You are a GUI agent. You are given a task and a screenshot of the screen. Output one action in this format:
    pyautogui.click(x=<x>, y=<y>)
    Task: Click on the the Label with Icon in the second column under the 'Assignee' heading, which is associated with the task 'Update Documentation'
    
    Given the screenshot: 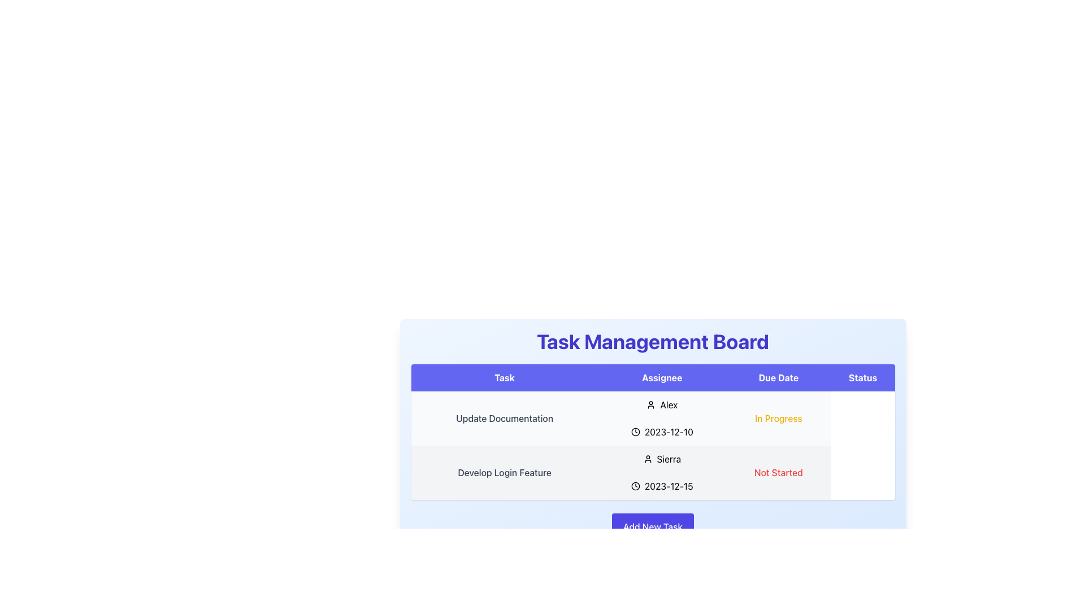 What is the action you would take?
    pyautogui.click(x=662, y=404)
    